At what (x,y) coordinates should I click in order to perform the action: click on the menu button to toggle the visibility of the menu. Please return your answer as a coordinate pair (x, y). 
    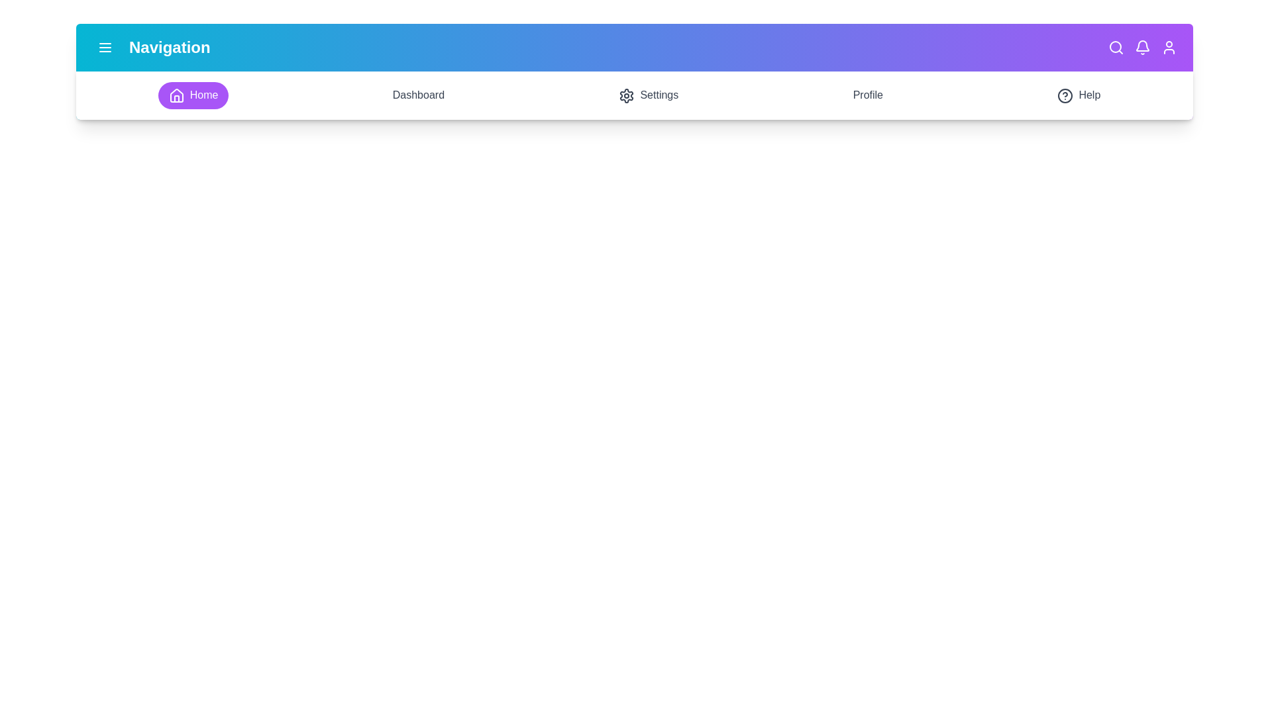
    Looking at the image, I should click on (104, 47).